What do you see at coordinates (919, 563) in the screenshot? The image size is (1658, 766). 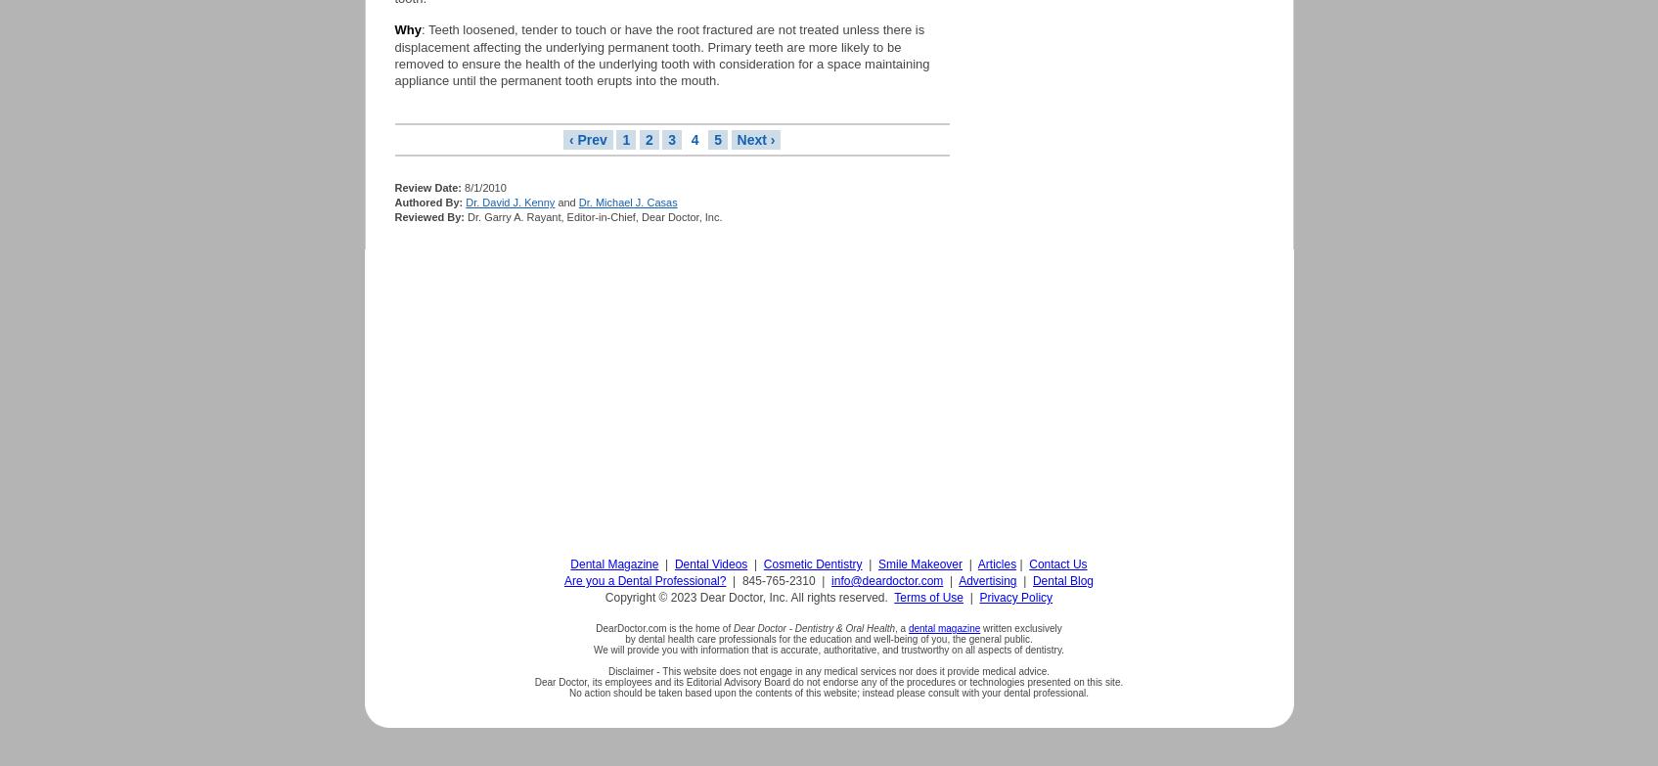 I see `'Smile Makeover'` at bounding box center [919, 563].